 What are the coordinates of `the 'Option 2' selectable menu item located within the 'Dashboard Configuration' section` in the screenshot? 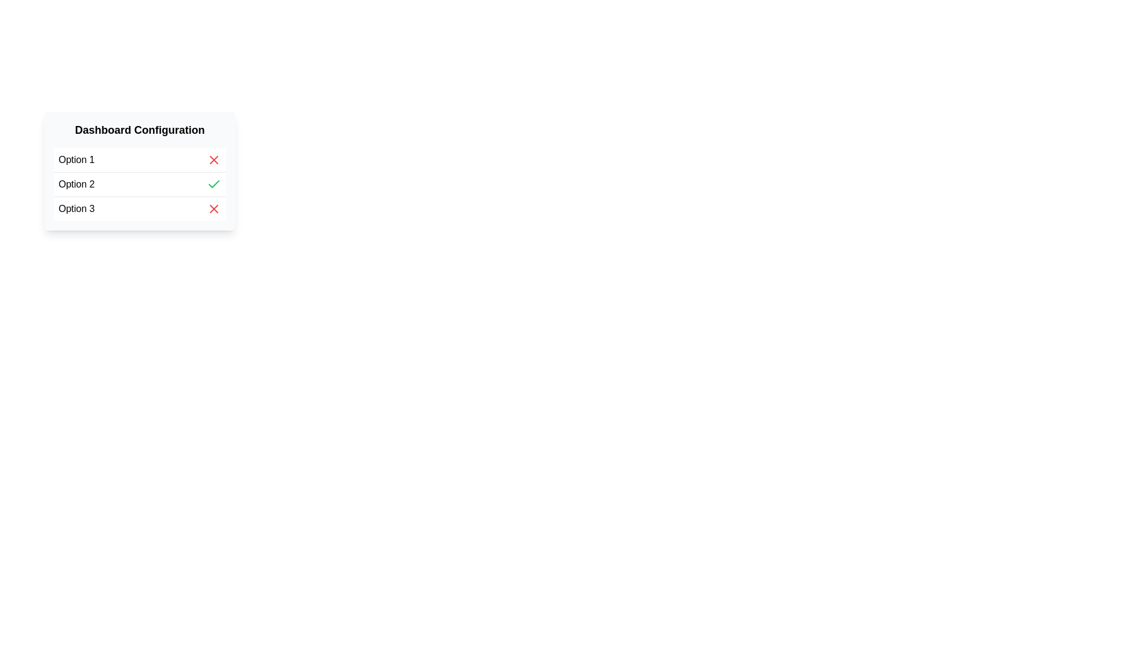 It's located at (140, 171).